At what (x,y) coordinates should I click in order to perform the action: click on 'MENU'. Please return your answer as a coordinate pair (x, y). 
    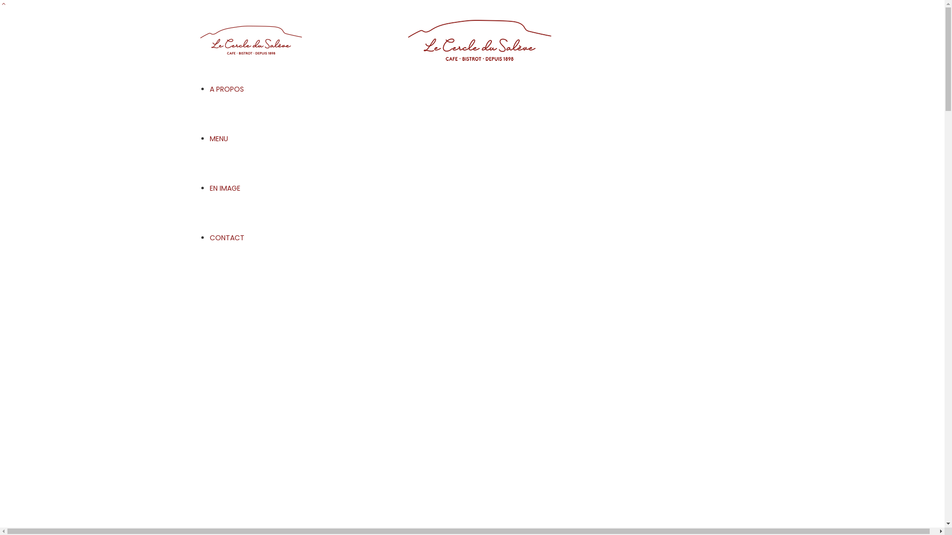
    Looking at the image, I should click on (218, 139).